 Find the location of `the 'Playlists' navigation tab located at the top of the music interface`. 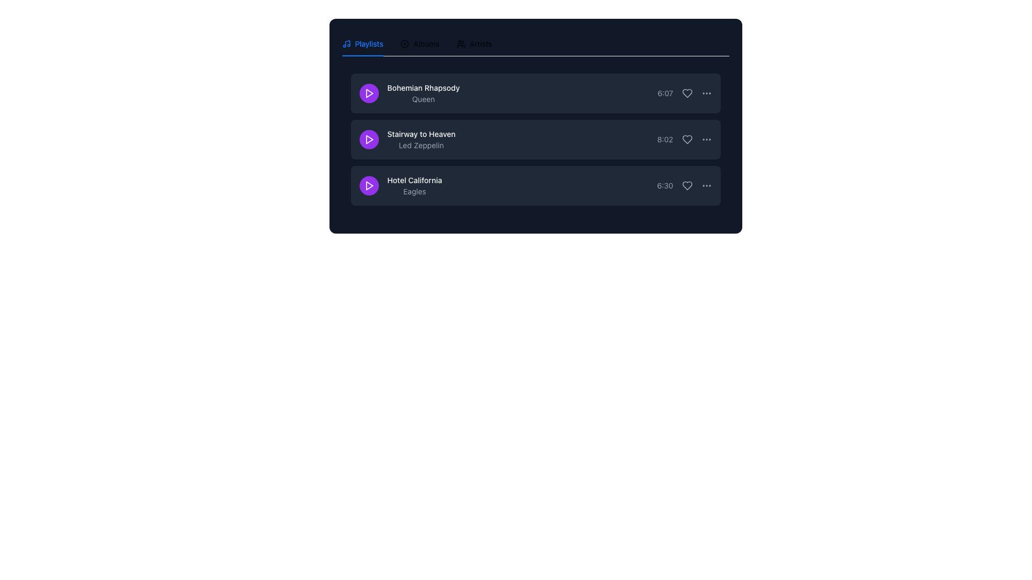

the 'Playlists' navigation tab located at the top of the music interface is located at coordinates (362, 43).